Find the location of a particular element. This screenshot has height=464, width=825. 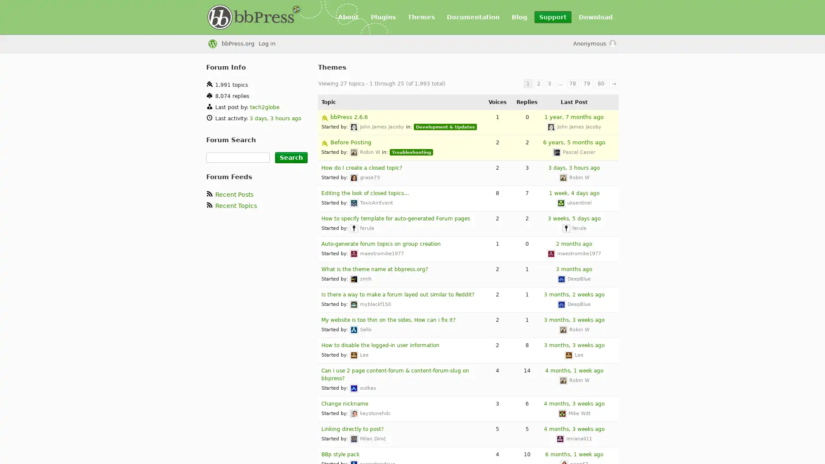

Search is located at coordinates (291, 157).